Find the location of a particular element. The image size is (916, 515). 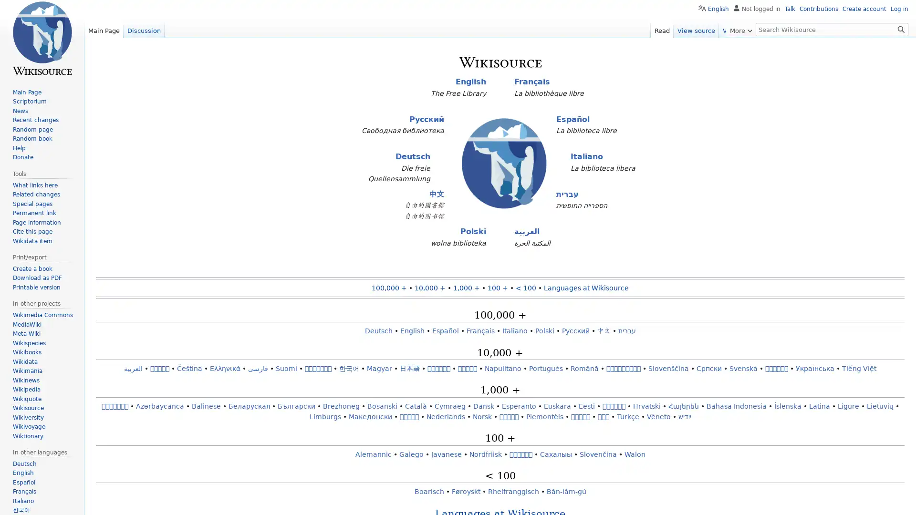

Go is located at coordinates (901, 29).